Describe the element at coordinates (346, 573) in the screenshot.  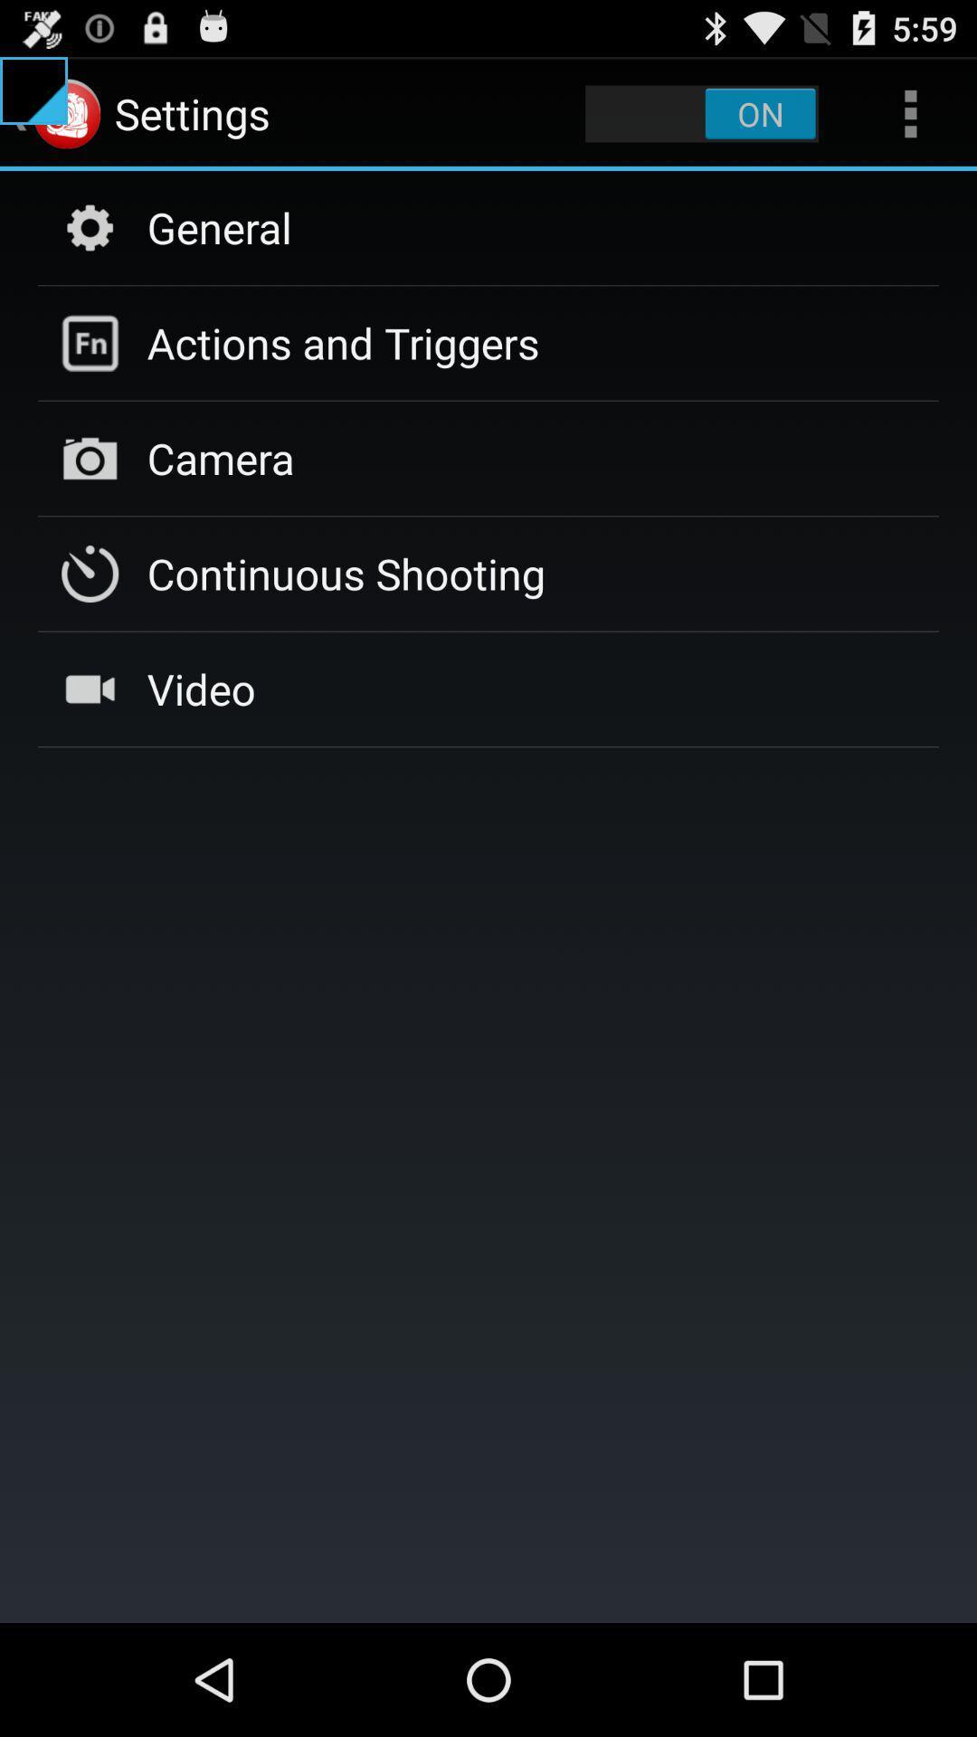
I see `item above video icon` at that location.